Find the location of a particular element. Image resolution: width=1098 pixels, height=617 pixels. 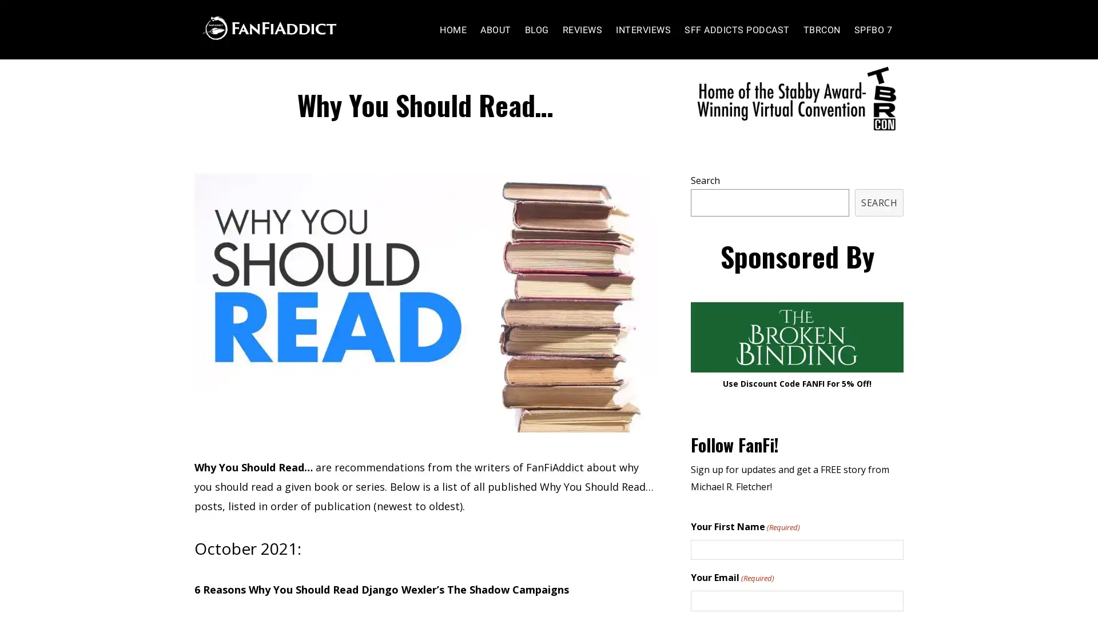

SEARCH is located at coordinates (878, 225).